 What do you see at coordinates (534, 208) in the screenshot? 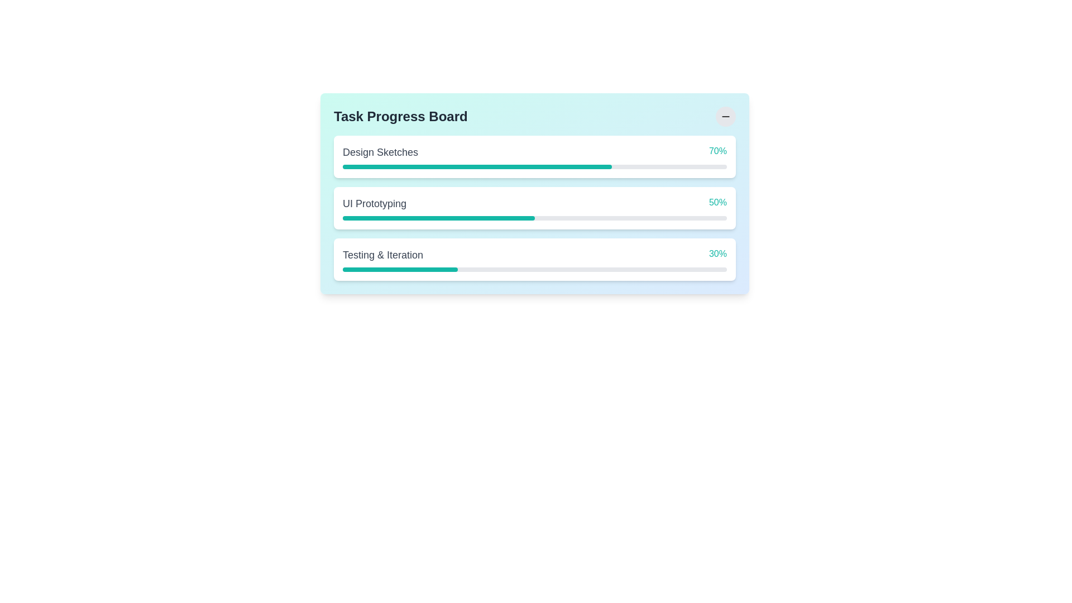
I see `the Progress Tracker titled 'UI Prototyping' which displays a completion percentage of 70%` at bounding box center [534, 208].